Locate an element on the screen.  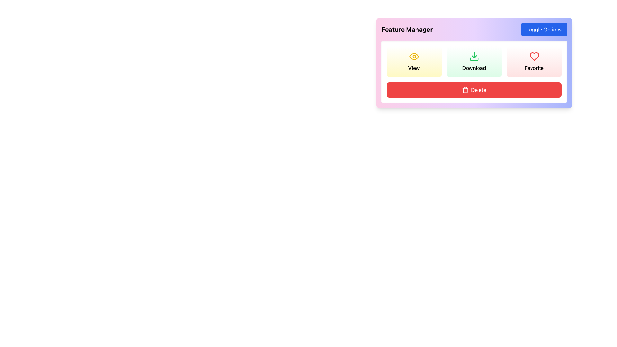
the heart icon button labeled 'Favorite' in the top-right corner of the button group is located at coordinates (534, 62).